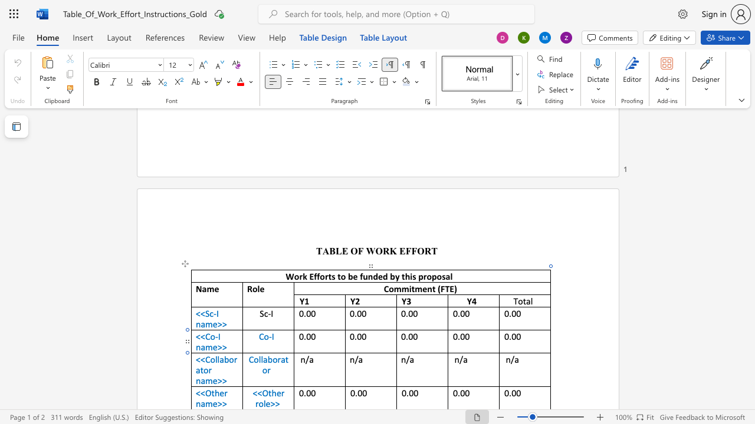  Describe the element at coordinates (201, 403) in the screenshot. I see `the space between the continuous character "n" and "a" in the text` at that location.